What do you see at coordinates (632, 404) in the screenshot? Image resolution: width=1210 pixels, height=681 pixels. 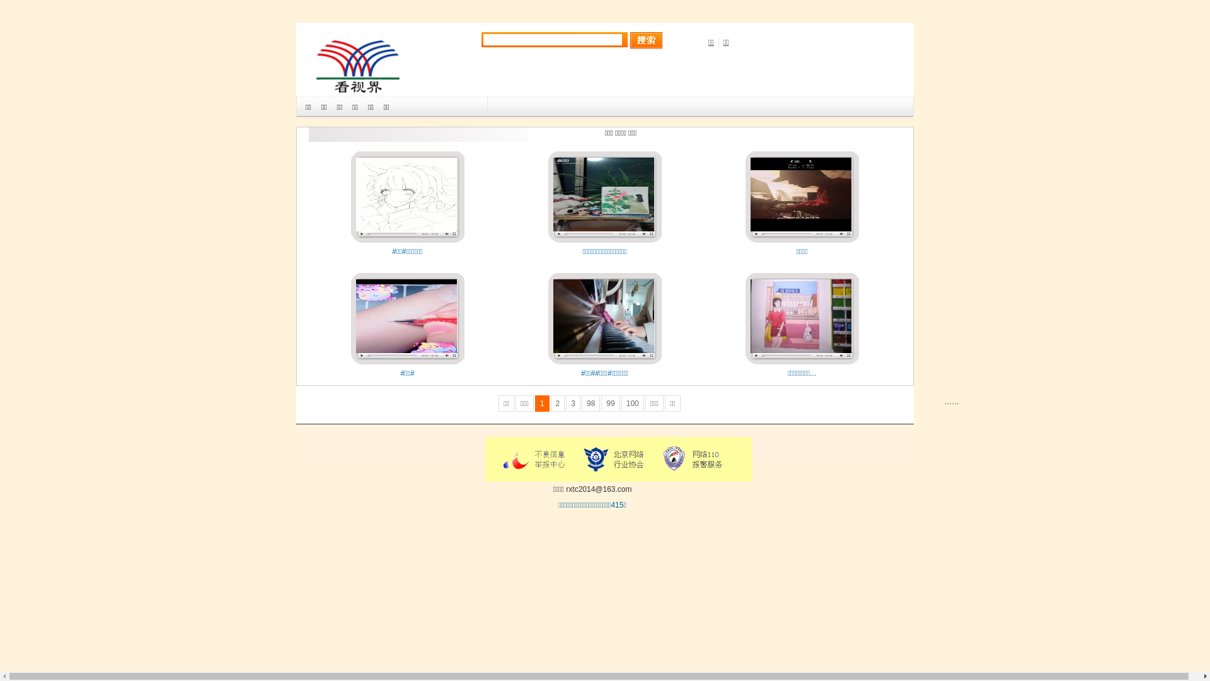 I see `'100'` at bounding box center [632, 404].